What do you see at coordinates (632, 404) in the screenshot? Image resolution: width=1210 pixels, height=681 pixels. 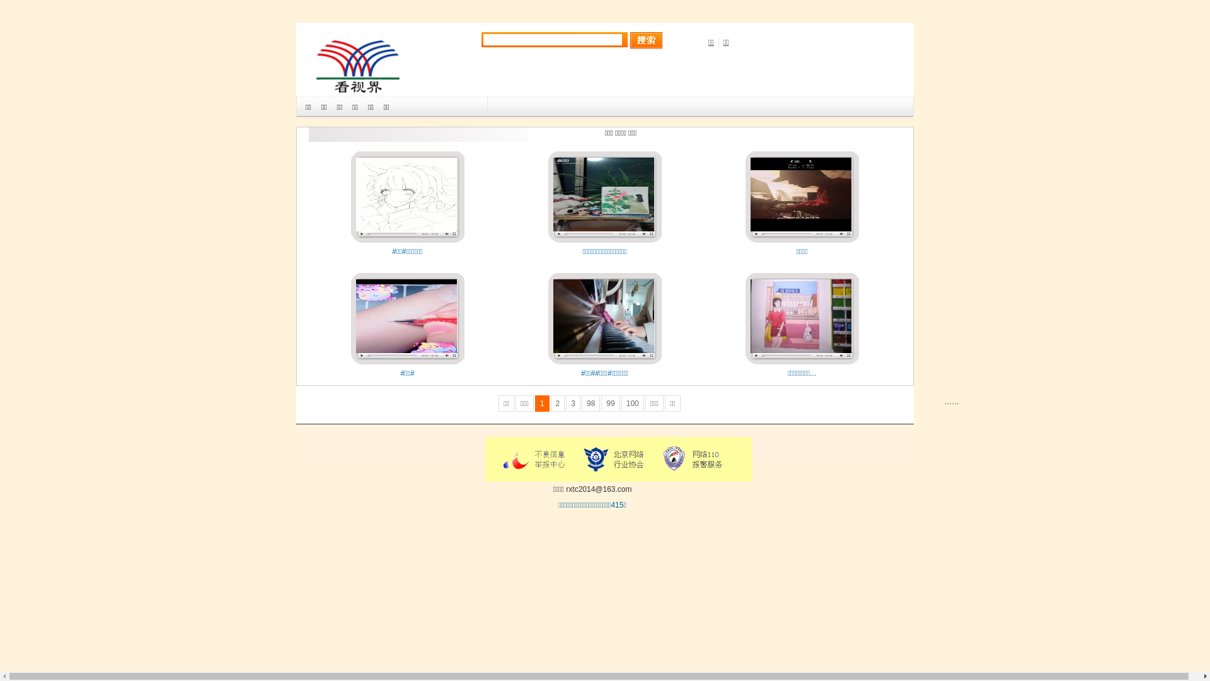 I see `'100'` at bounding box center [632, 404].